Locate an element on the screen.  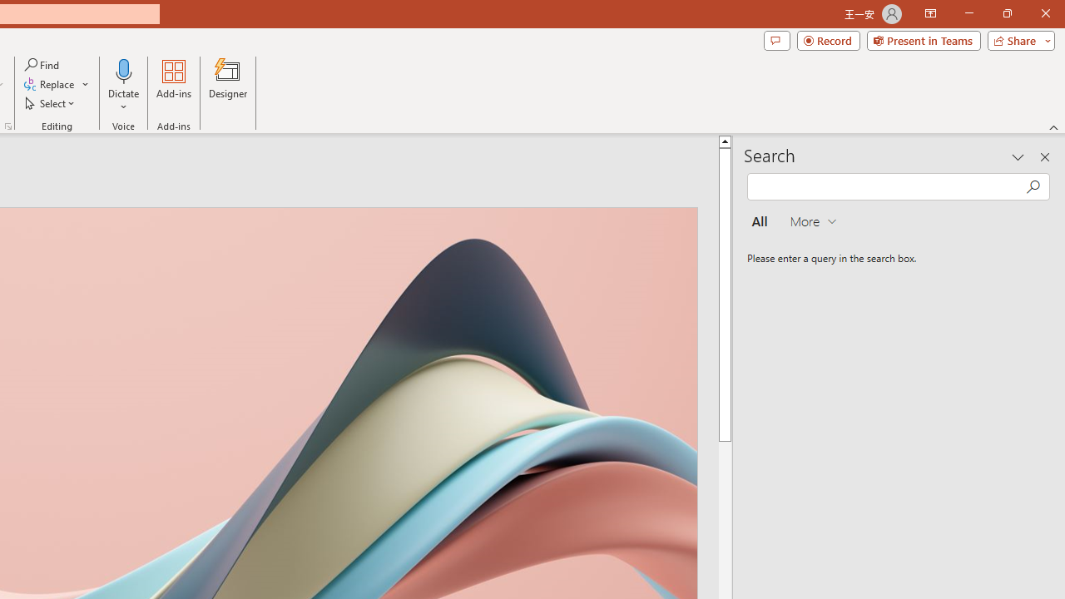
'Designer' is located at coordinates (227, 86).